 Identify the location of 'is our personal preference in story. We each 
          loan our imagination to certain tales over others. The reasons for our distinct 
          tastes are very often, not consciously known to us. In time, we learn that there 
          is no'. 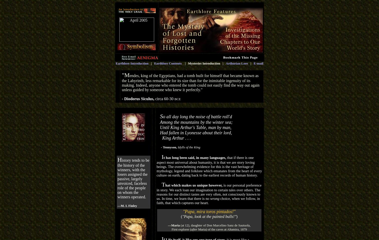
(209, 191).